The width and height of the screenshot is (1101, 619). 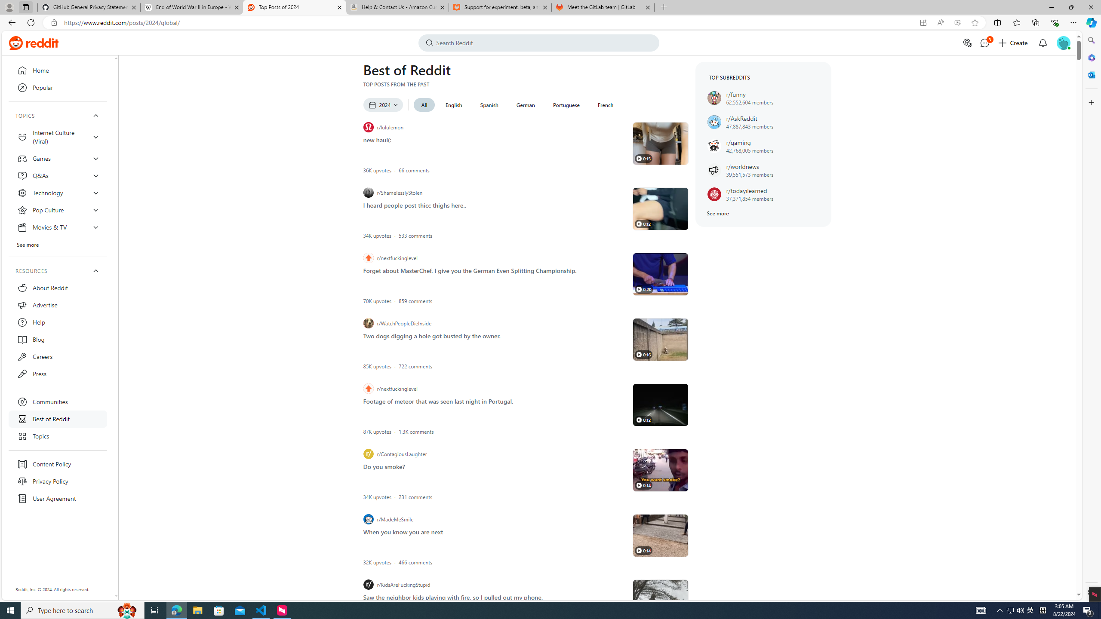 What do you see at coordinates (58, 288) in the screenshot?
I see `'About Reddit'` at bounding box center [58, 288].